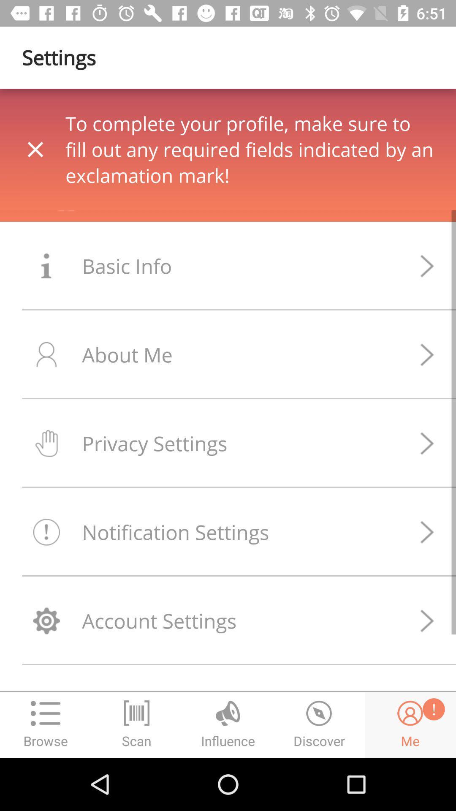 This screenshot has width=456, height=811. What do you see at coordinates (66, 166) in the screenshot?
I see `the close icon` at bounding box center [66, 166].